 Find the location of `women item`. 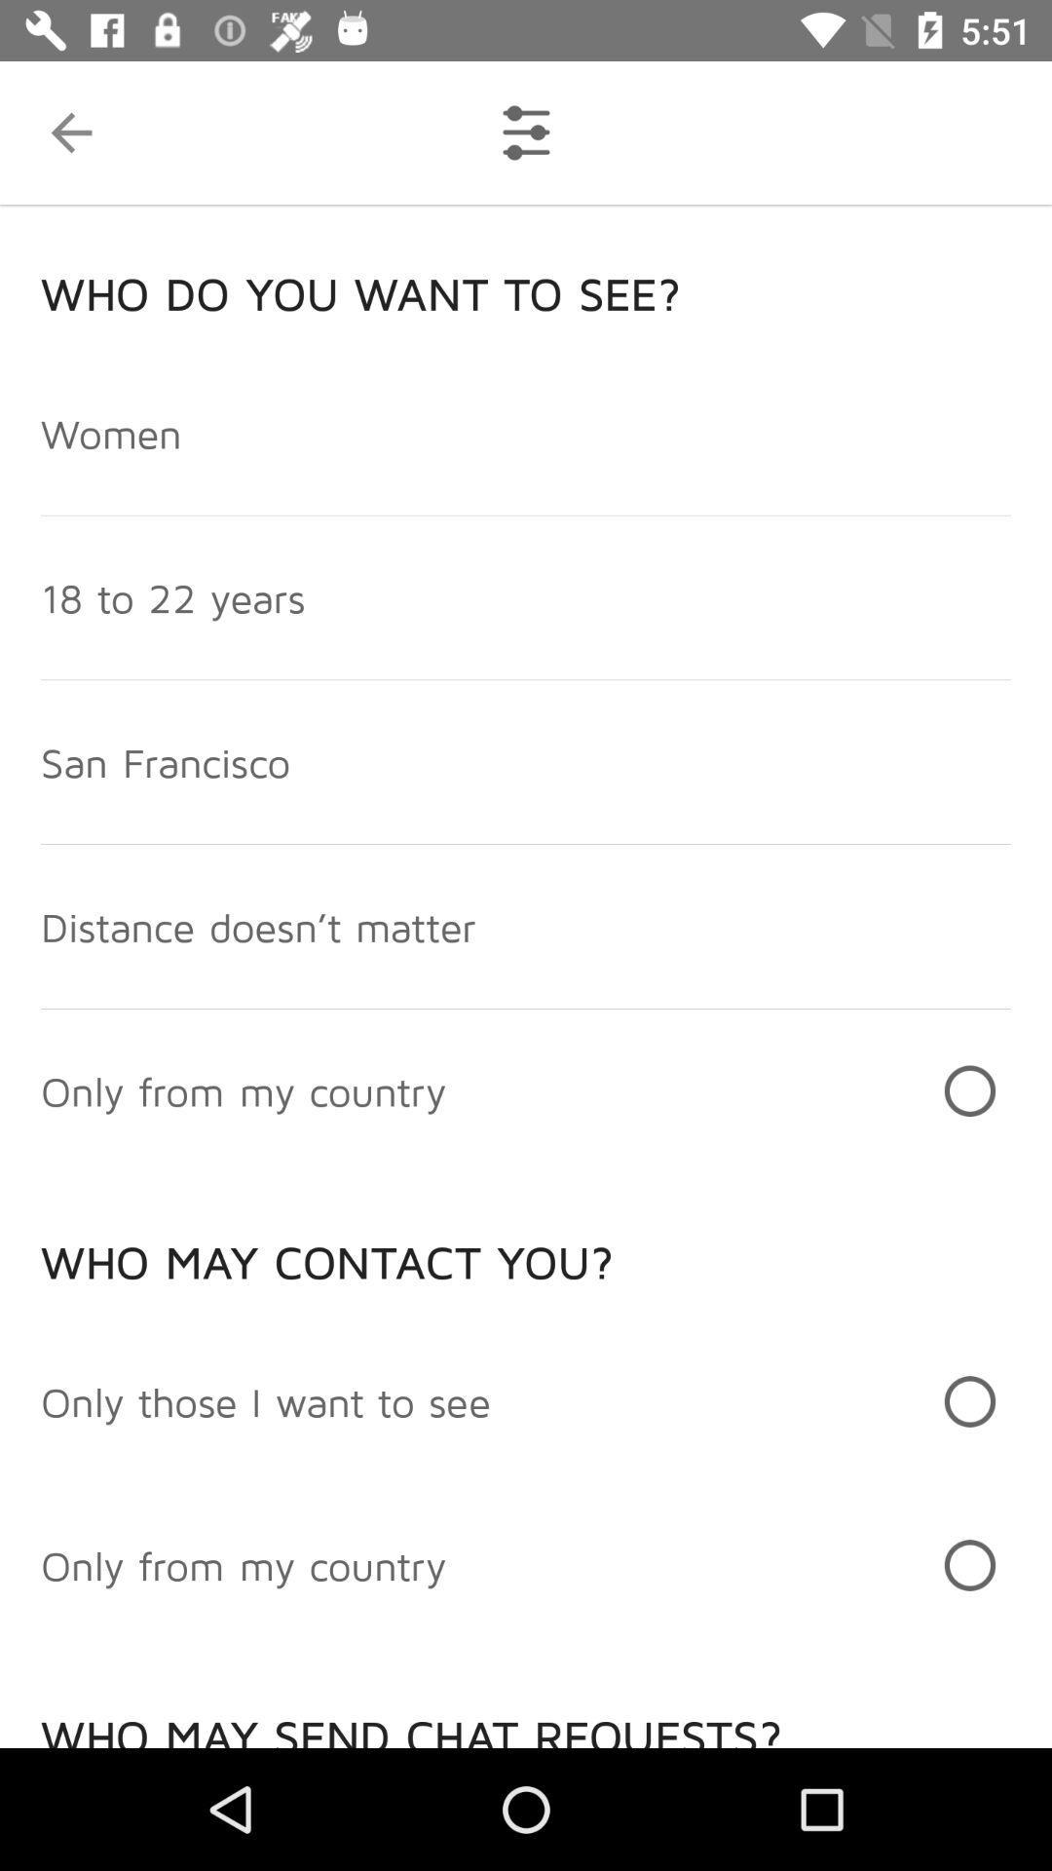

women item is located at coordinates (111, 432).